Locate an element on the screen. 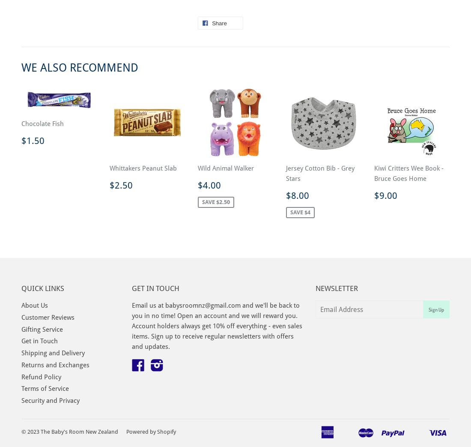  'The Baby's Room New Zealand' is located at coordinates (79, 432).